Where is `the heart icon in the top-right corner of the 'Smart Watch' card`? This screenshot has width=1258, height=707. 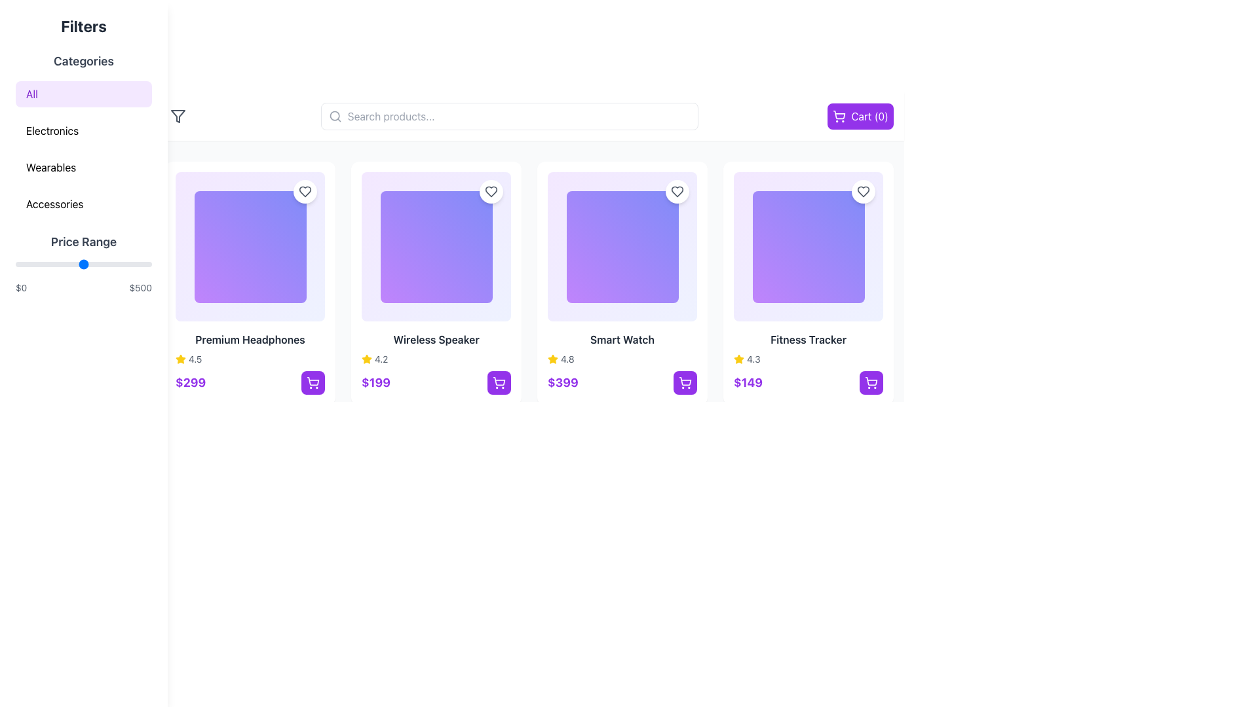 the heart icon in the top-right corner of the 'Smart Watch' card is located at coordinates (677, 192).